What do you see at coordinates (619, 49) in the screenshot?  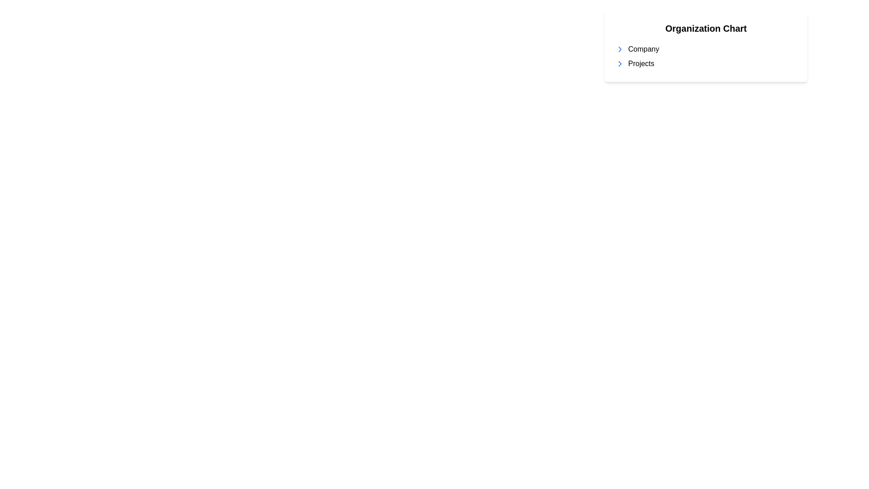 I see `the right-pointing chevron icon` at bounding box center [619, 49].